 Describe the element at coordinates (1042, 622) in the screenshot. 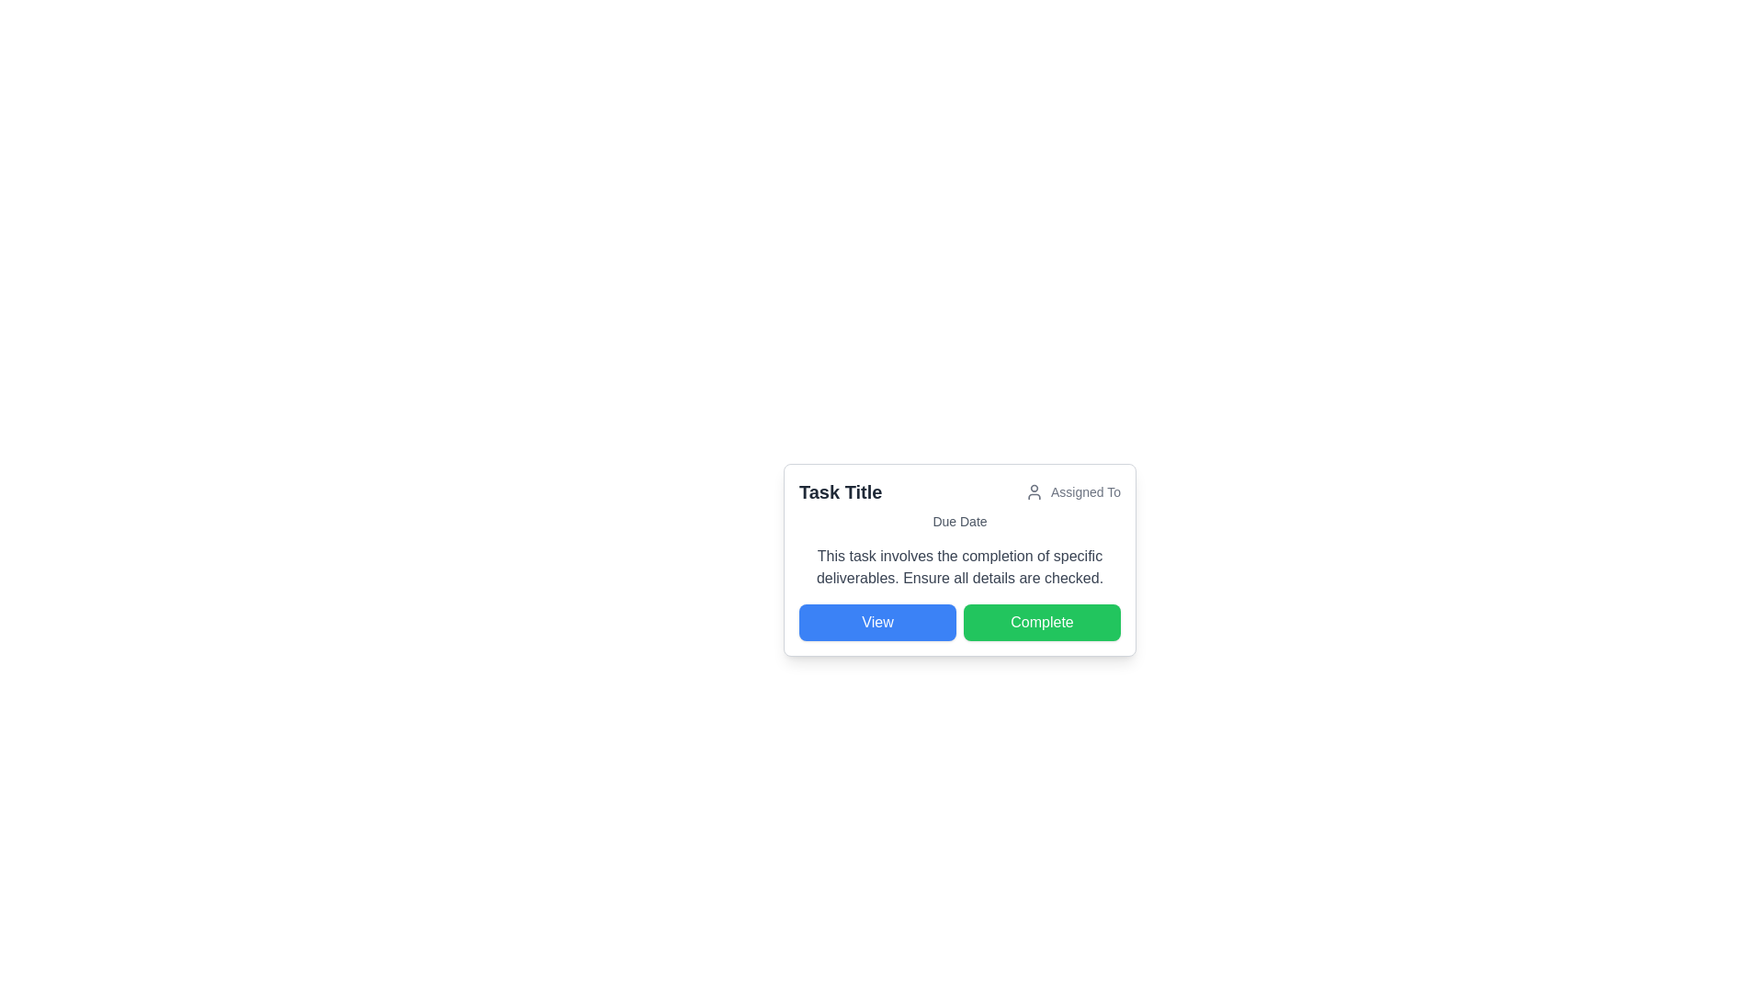

I see `the 'Complete' button, which is a prominent green button with white text, located in the bottom-right area of the card interface` at that location.